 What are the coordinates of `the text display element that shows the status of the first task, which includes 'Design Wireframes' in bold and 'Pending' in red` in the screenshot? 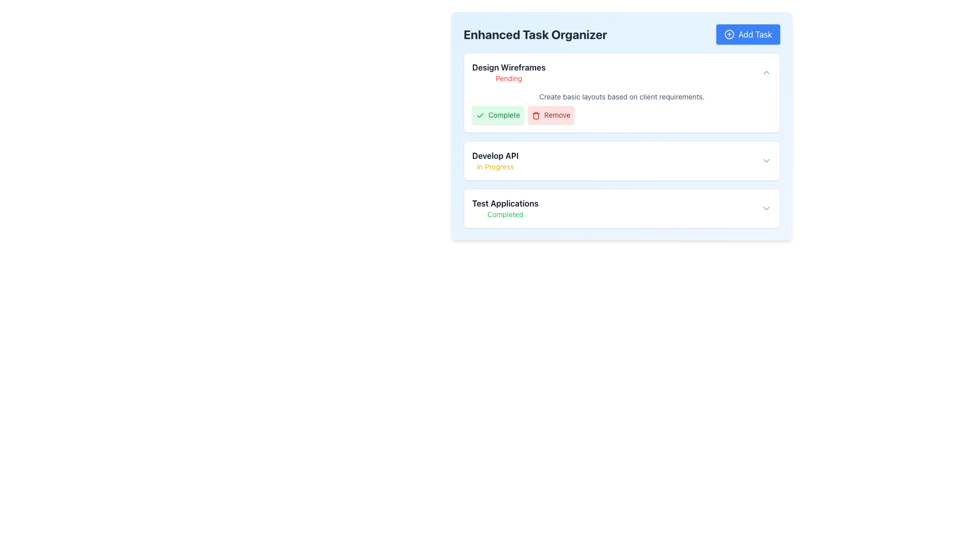 It's located at (509, 72).